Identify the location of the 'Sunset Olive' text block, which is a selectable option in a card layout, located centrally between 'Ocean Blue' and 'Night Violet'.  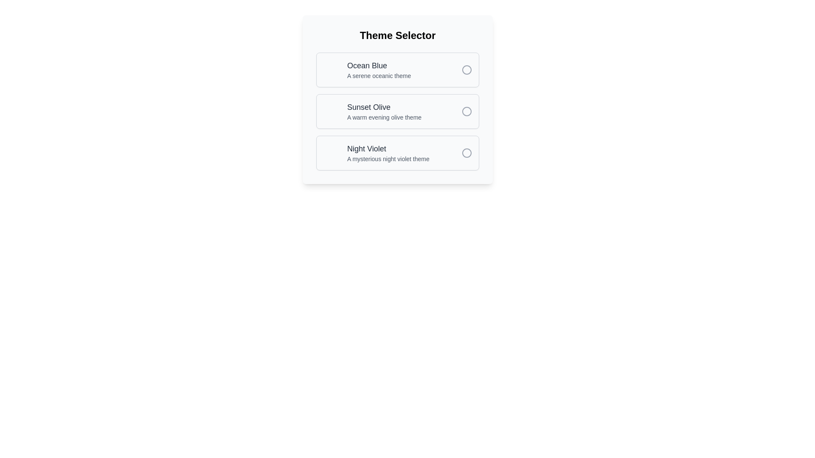
(384, 111).